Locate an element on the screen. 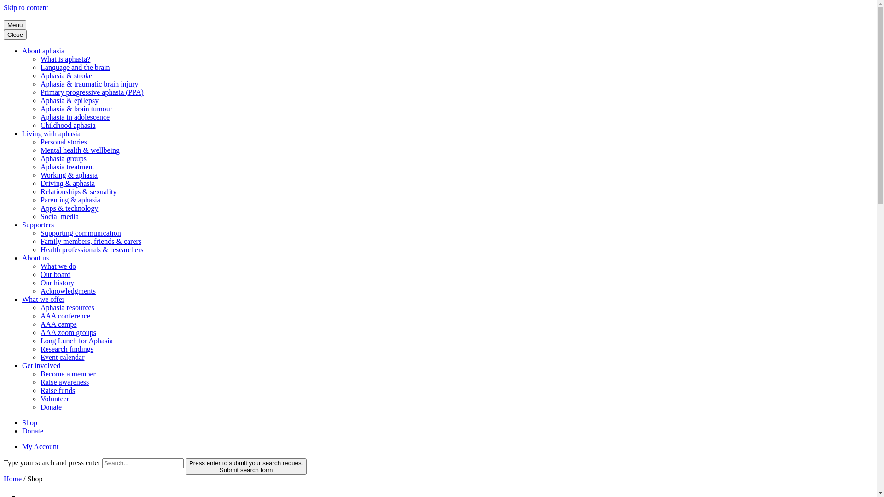 The height and width of the screenshot is (497, 884). 'AAA camps' is located at coordinates (58, 324).